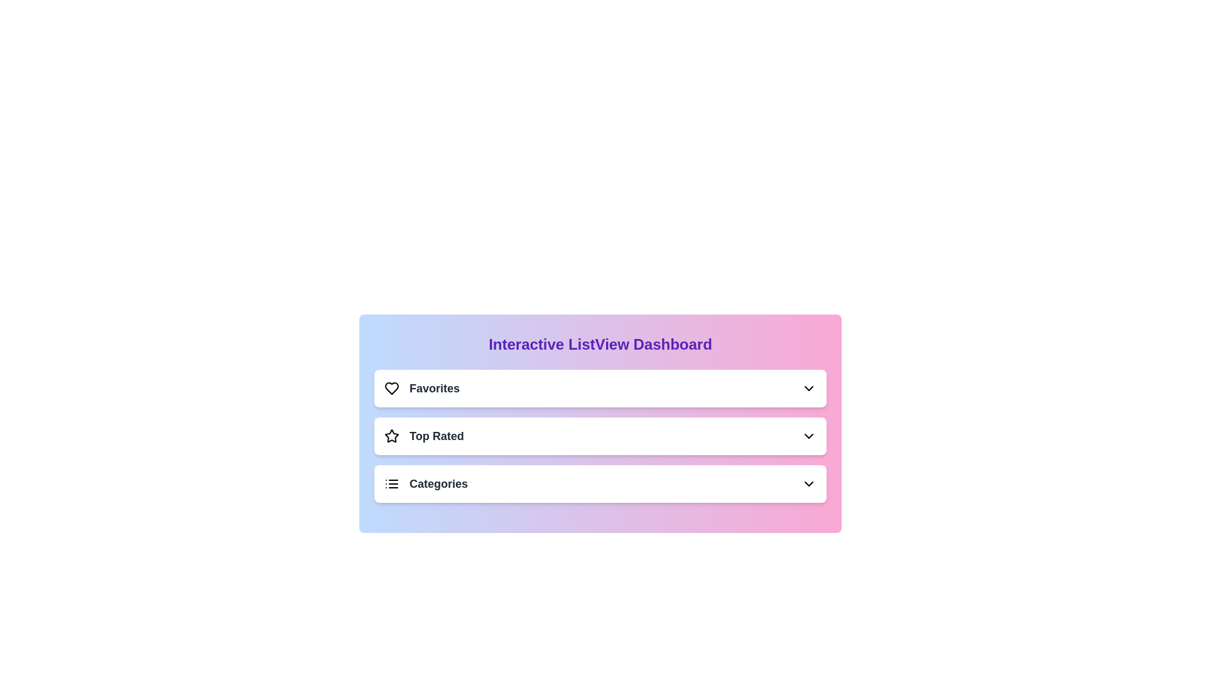  Describe the element at coordinates (391, 387) in the screenshot. I see `the icon corresponding to Favorites in the list` at that location.